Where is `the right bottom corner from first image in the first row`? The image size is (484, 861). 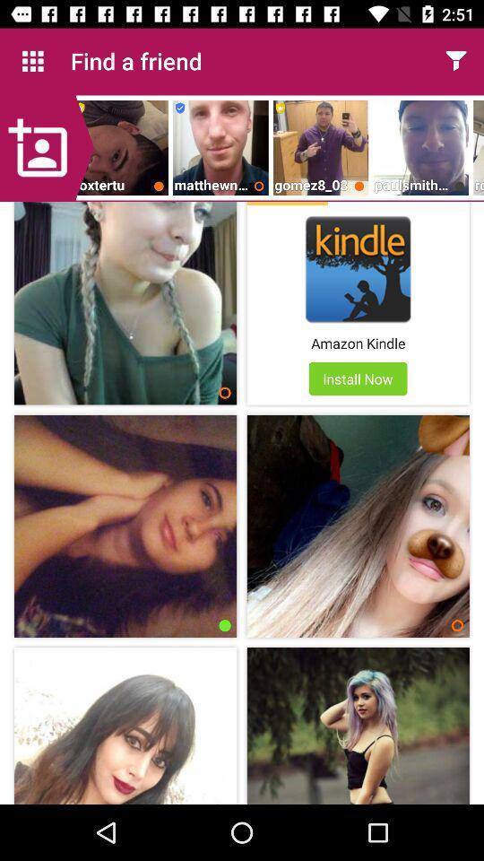
the right bottom corner from first image in the first row is located at coordinates (225, 393).